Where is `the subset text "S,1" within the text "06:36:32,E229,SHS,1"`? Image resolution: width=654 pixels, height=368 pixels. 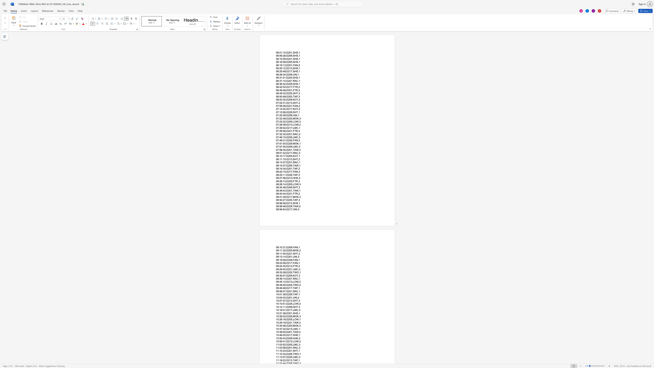 the subset text "S,1" within the text "06:36:32,E229,SHS,1" is located at coordinates (296, 84).